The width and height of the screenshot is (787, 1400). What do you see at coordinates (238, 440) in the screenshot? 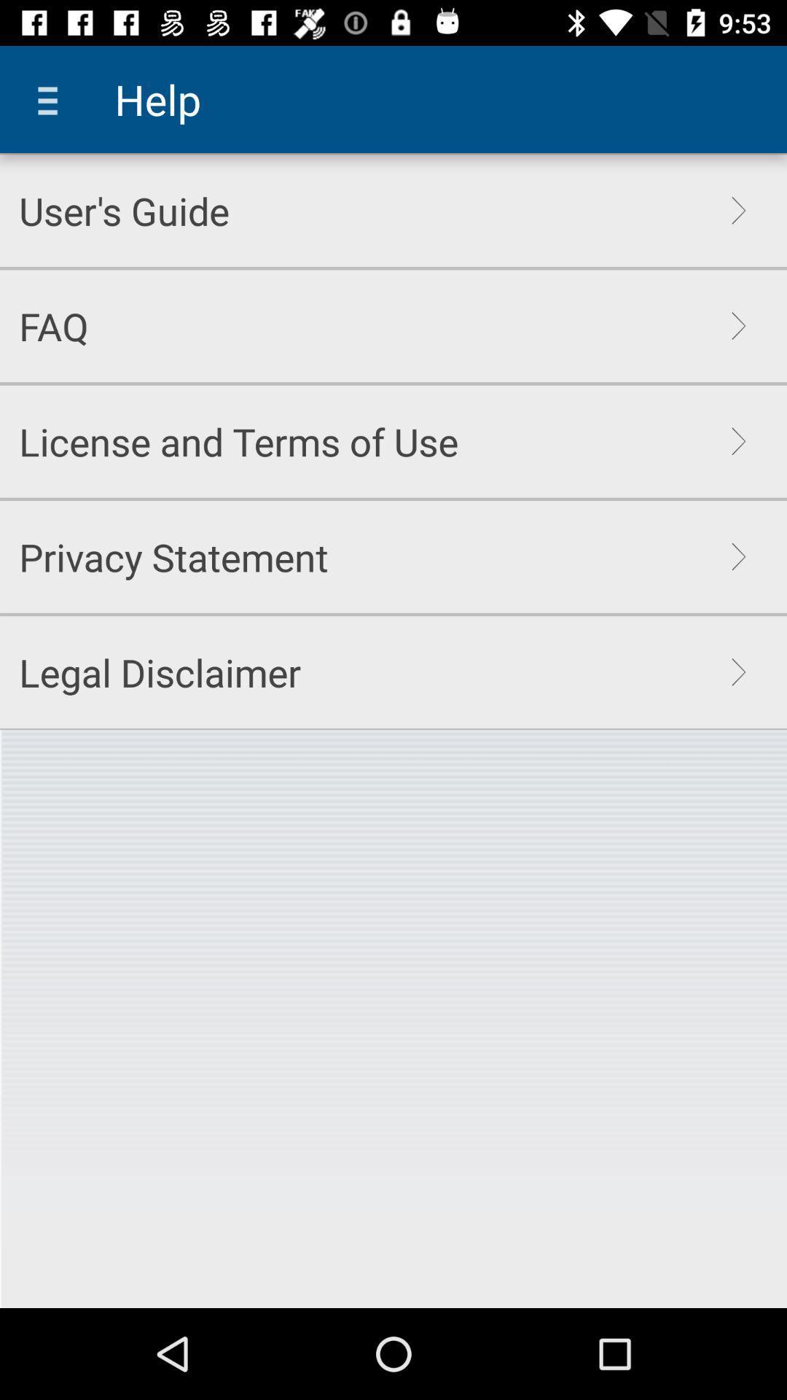
I see `license and terms icon` at bounding box center [238, 440].